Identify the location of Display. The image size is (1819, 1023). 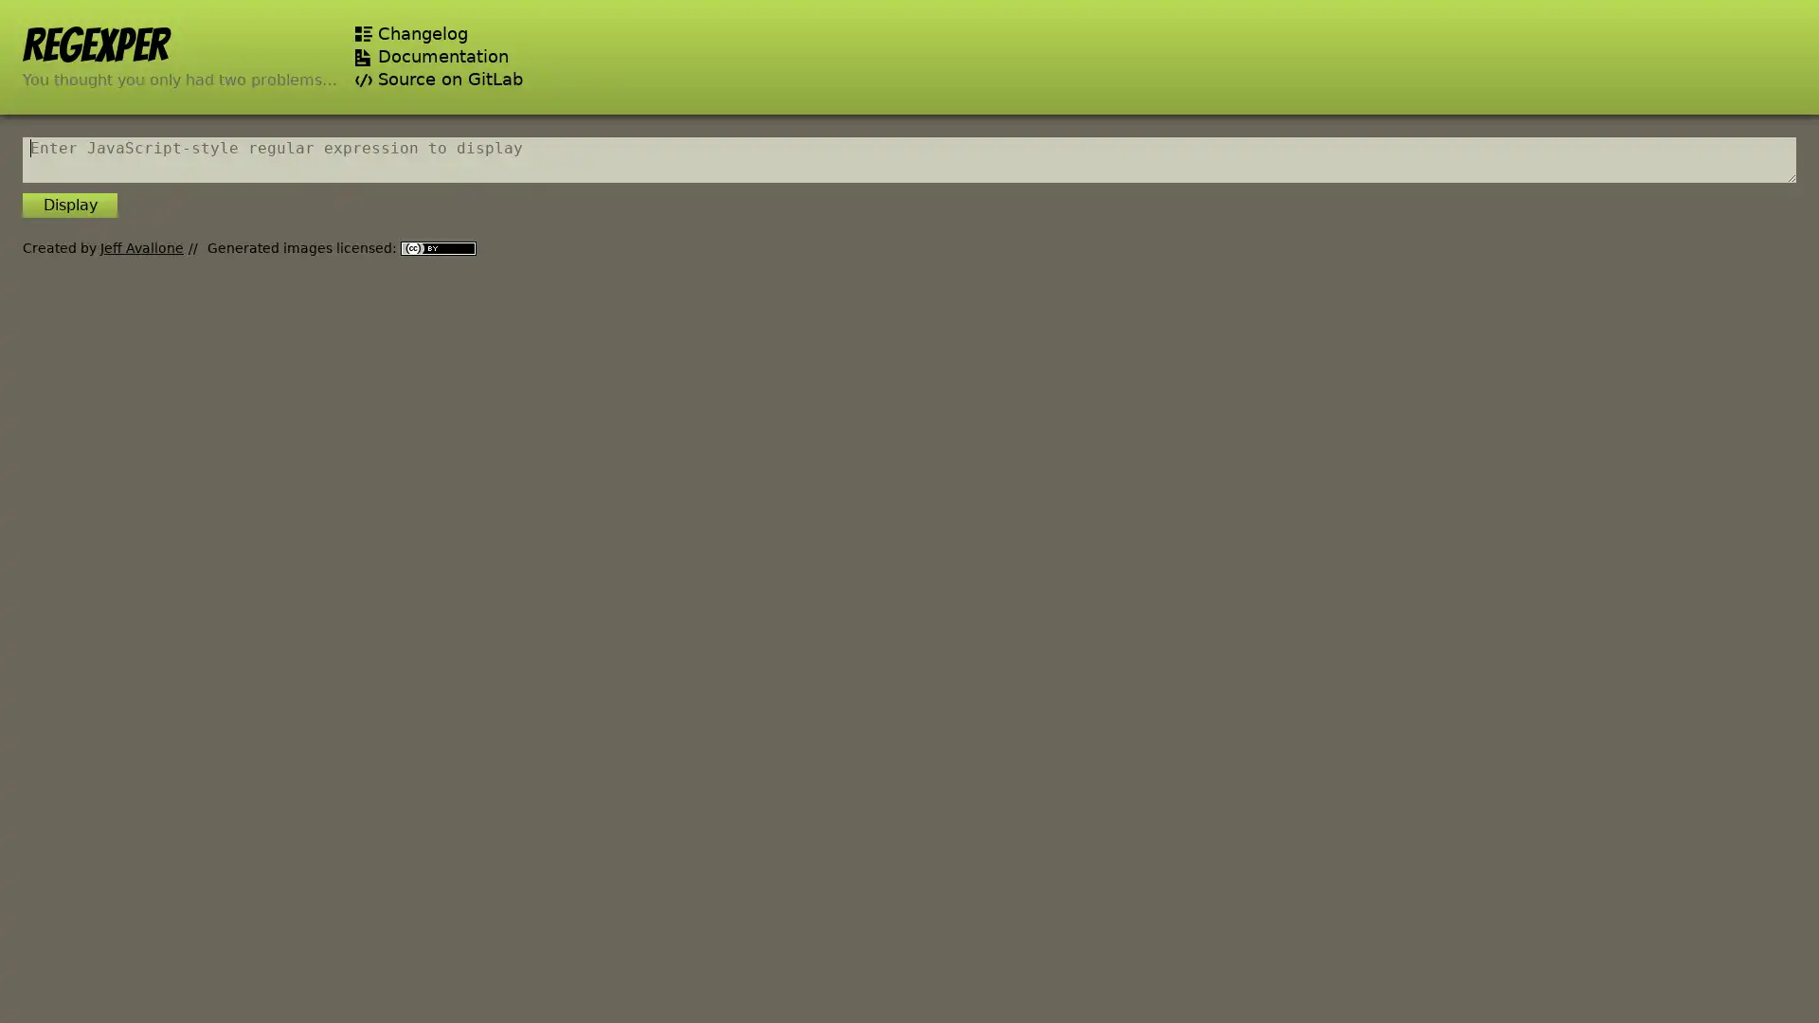
(69, 205).